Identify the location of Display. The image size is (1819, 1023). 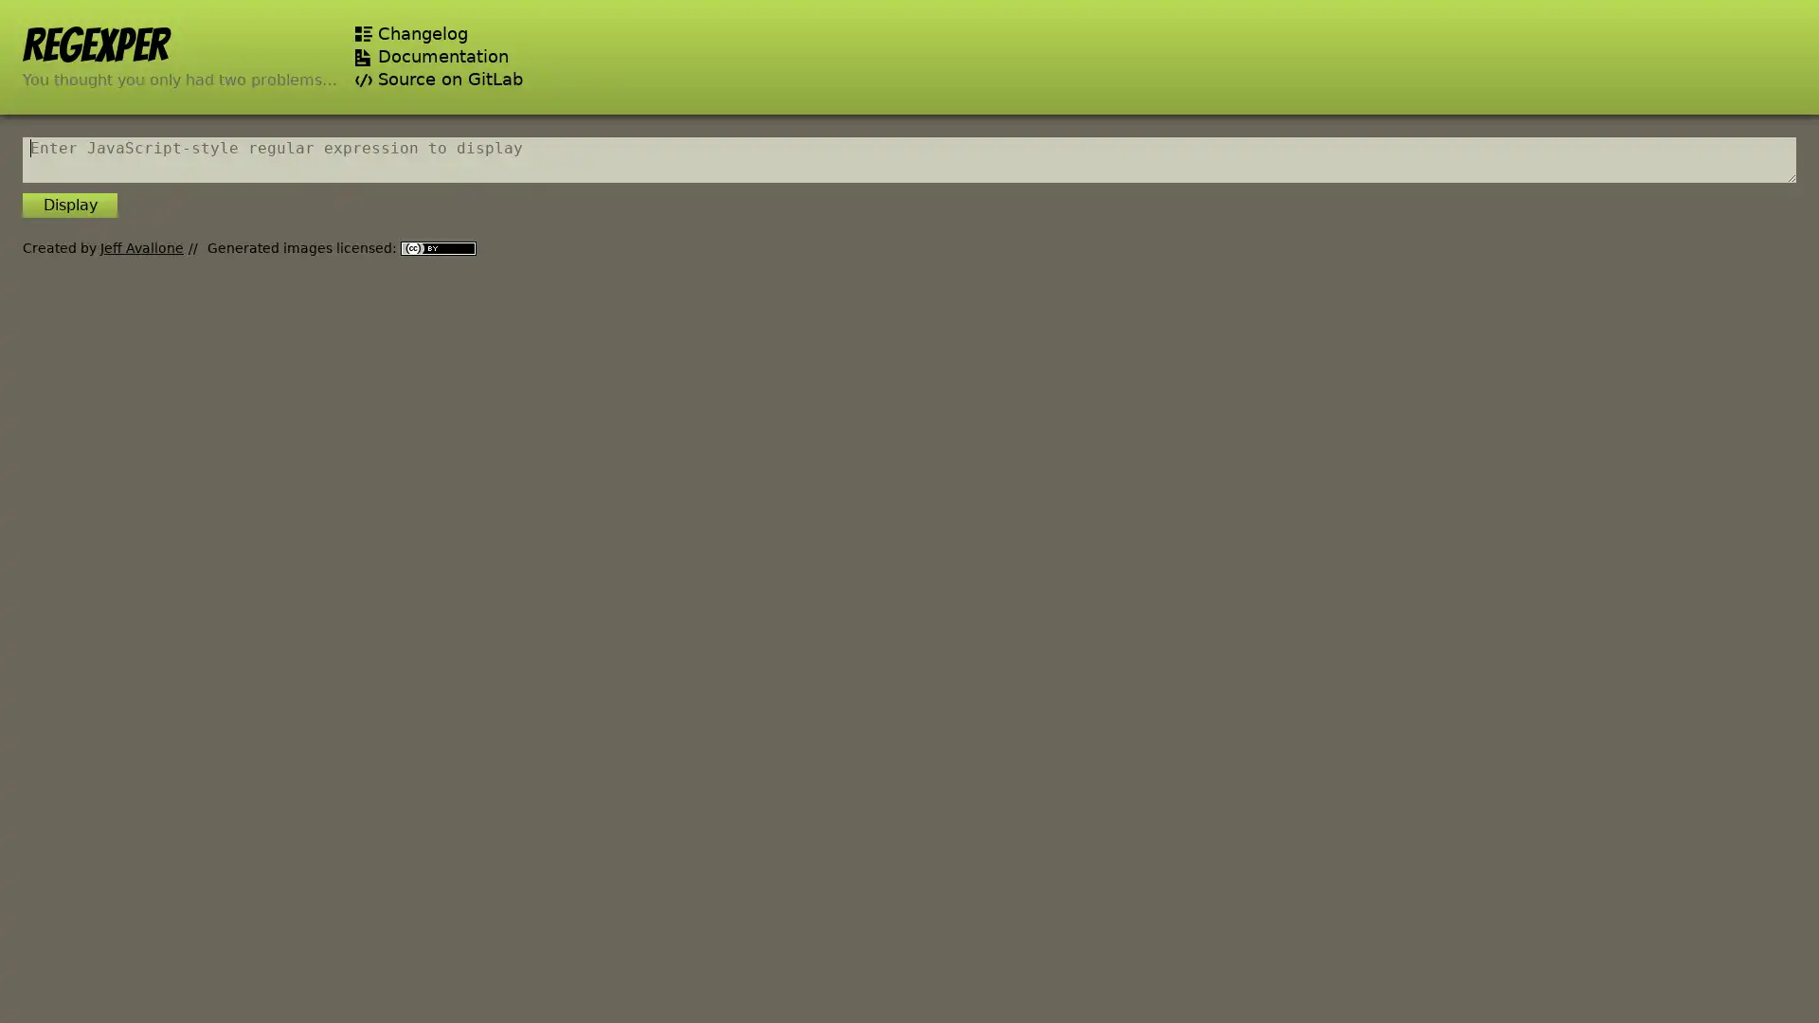
(69, 205).